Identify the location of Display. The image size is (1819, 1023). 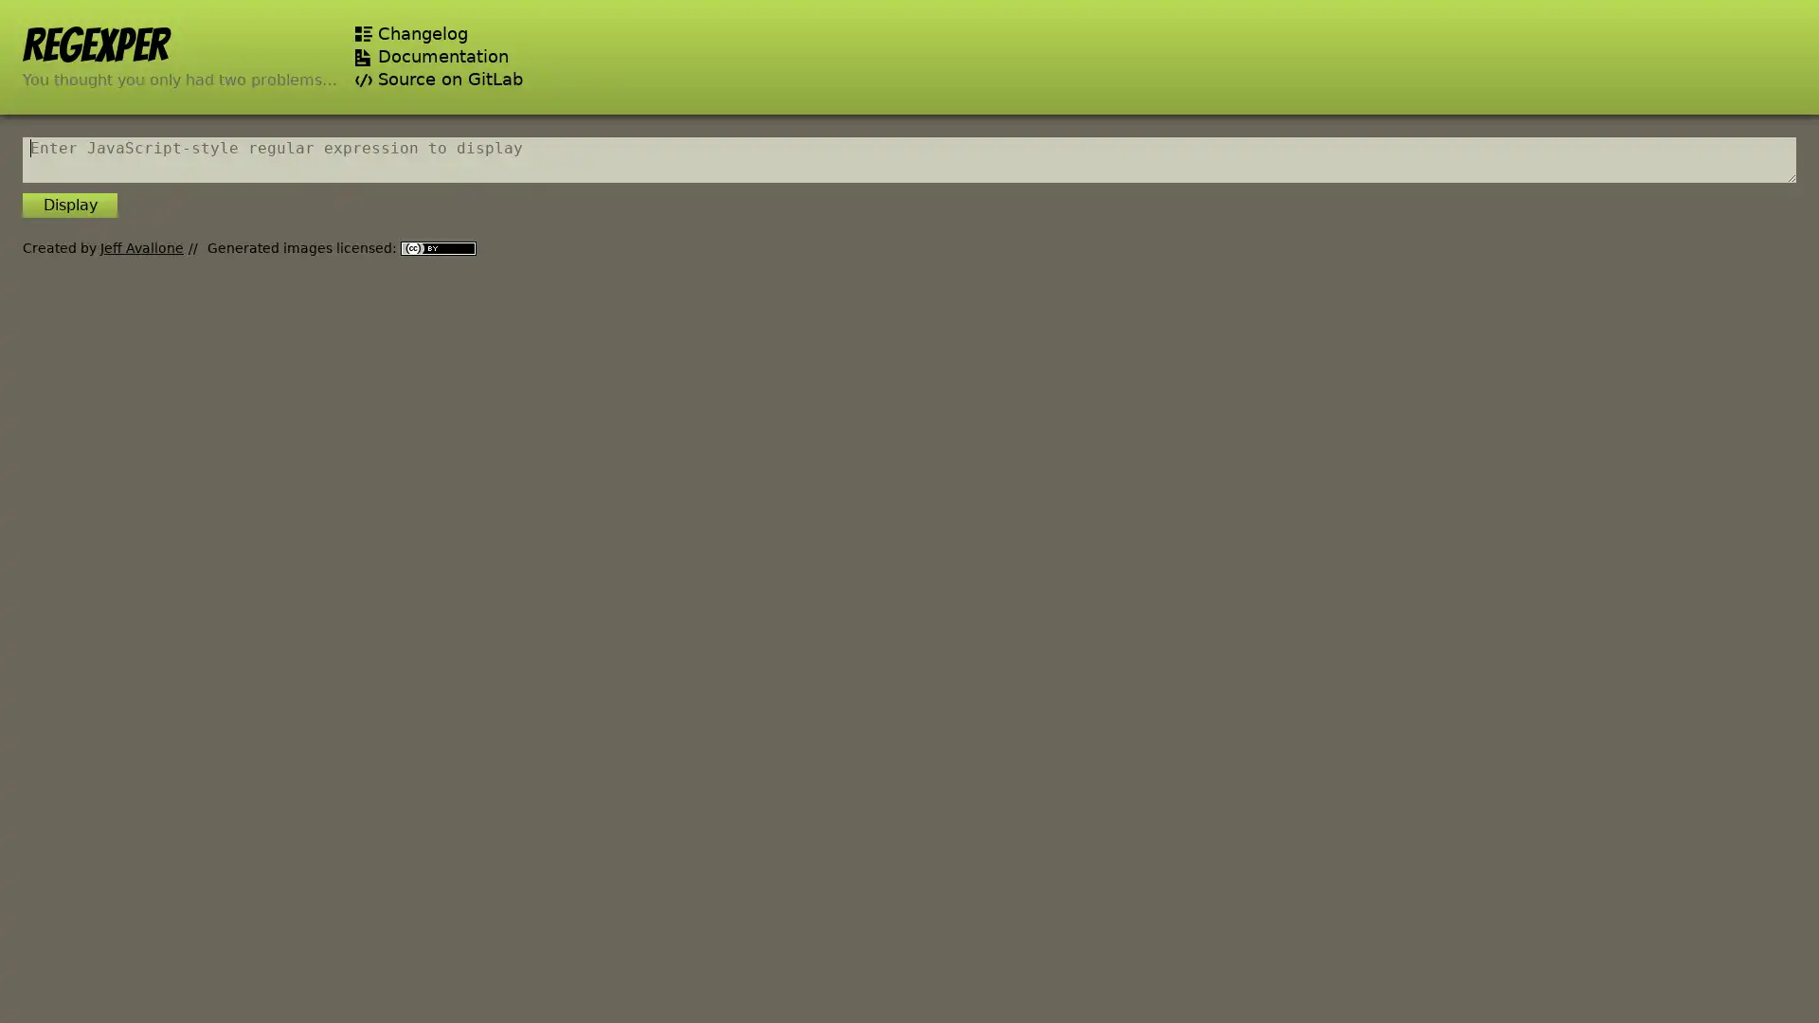
(69, 205).